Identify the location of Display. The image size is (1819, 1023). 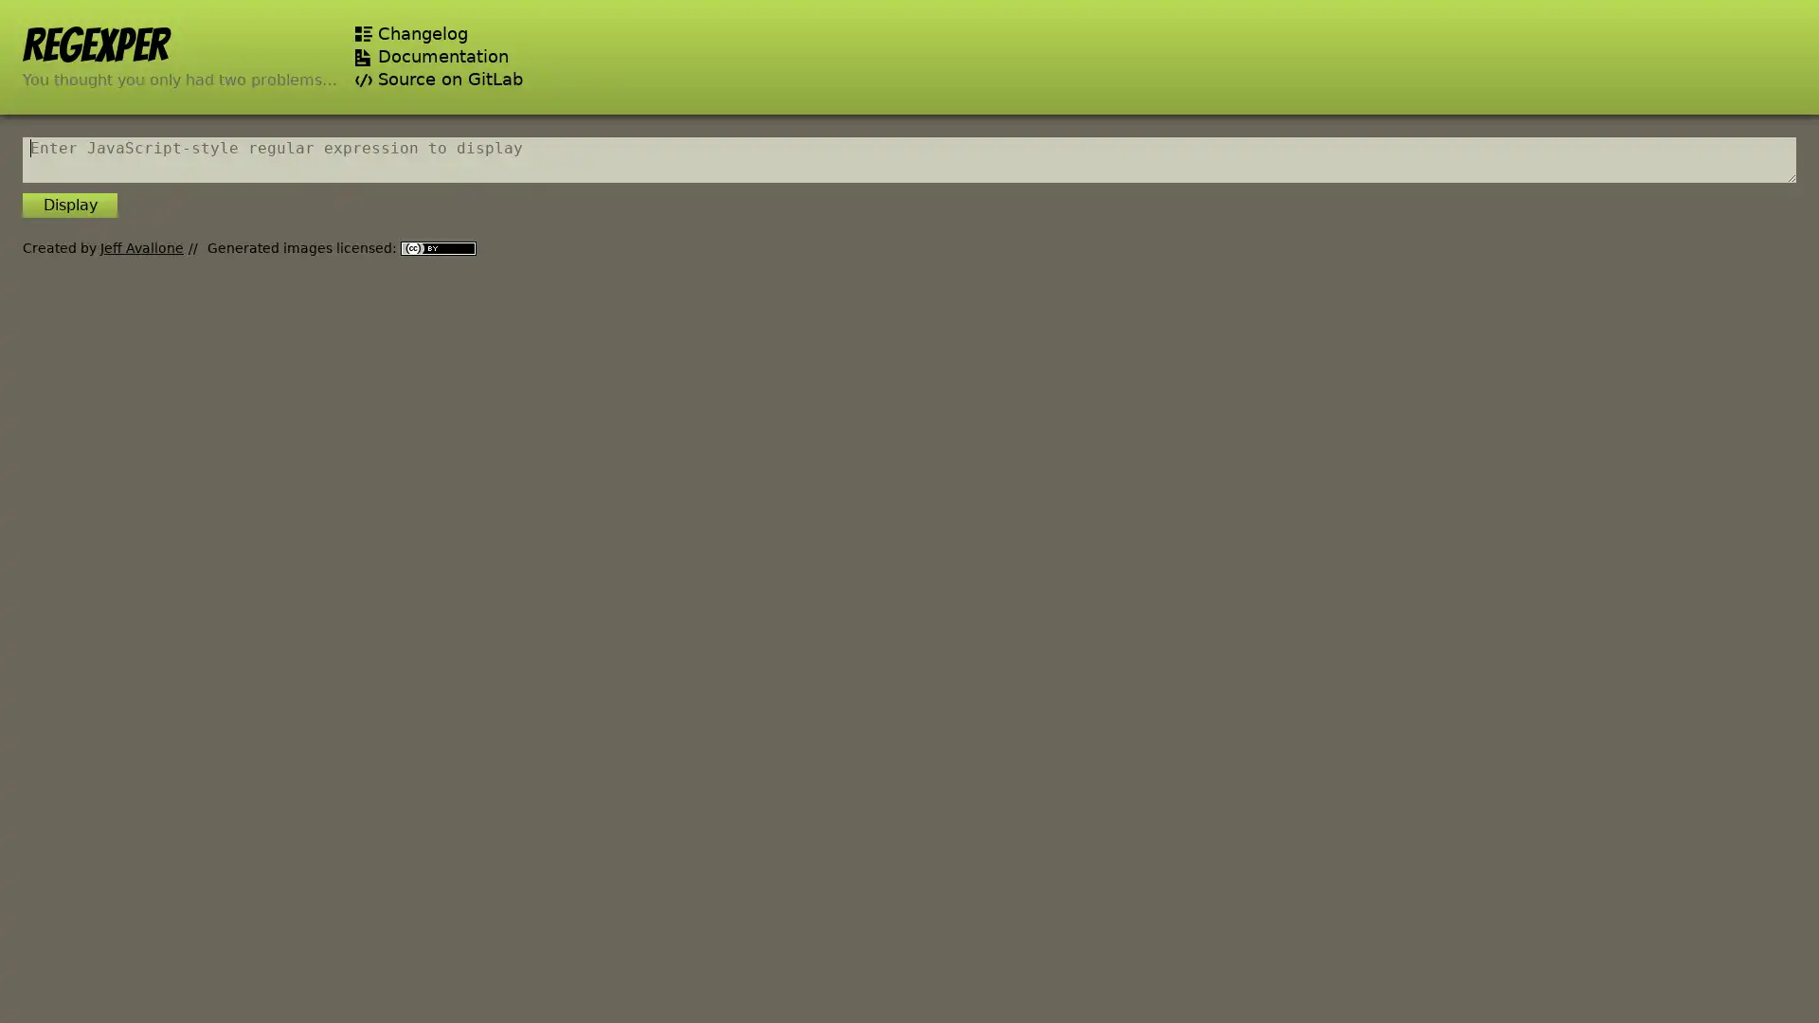
(69, 205).